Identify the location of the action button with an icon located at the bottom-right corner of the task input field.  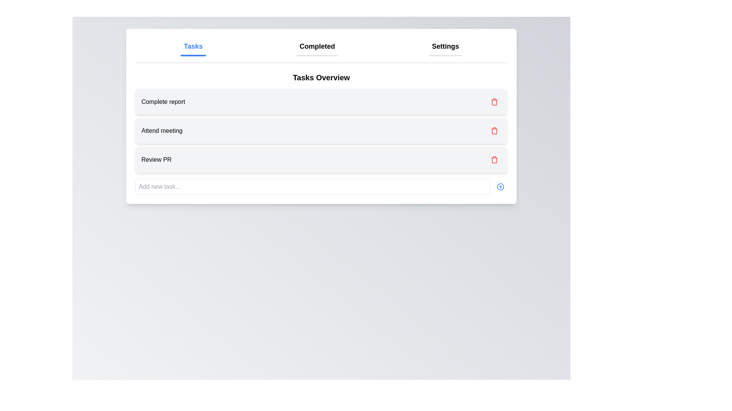
(501, 186).